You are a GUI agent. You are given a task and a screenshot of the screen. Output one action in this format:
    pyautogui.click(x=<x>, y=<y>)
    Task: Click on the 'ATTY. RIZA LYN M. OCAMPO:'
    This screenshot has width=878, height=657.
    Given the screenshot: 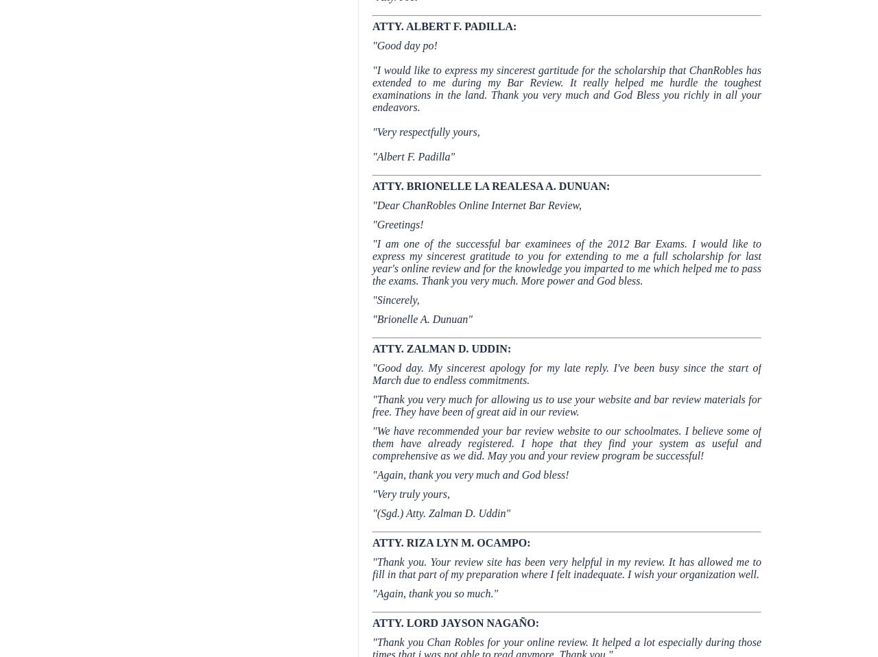 What is the action you would take?
    pyautogui.click(x=451, y=542)
    